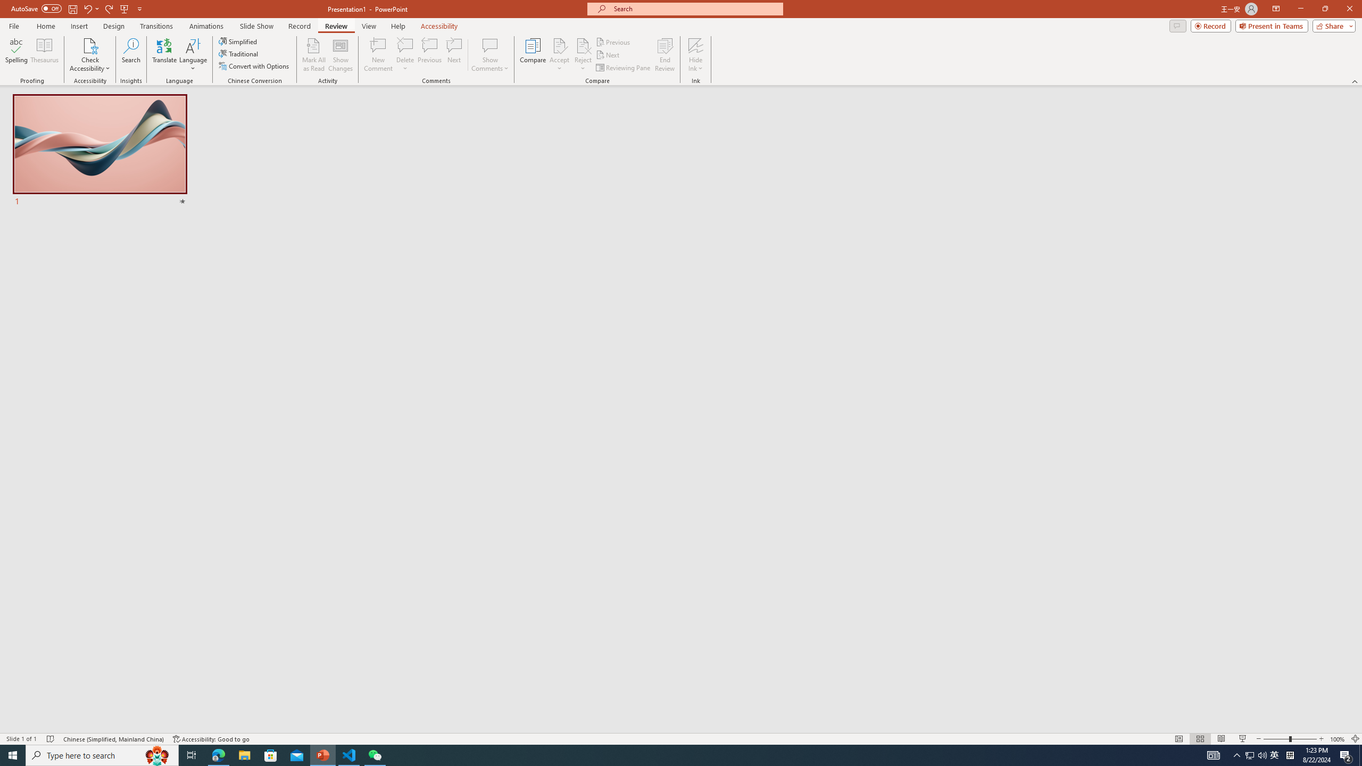 This screenshot has height=766, width=1362. Describe the element at coordinates (377, 55) in the screenshot. I see `'New Comment'` at that location.